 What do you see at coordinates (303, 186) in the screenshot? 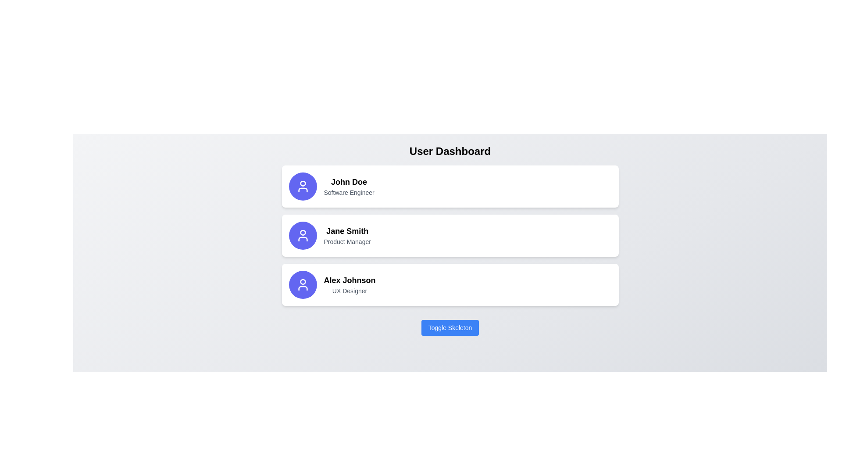
I see `the user profile SVG icon, which is styled with a white color and a vivid purple circular background, located to the left of 'John Doe's' name in the user list` at bounding box center [303, 186].